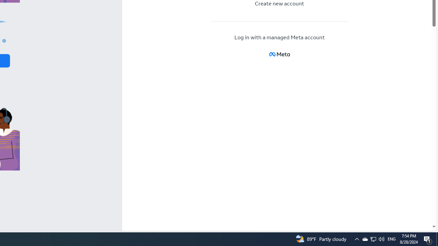 The height and width of the screenshot is (246, 438). I want to click on 'Meta logo', so click(279, 54).